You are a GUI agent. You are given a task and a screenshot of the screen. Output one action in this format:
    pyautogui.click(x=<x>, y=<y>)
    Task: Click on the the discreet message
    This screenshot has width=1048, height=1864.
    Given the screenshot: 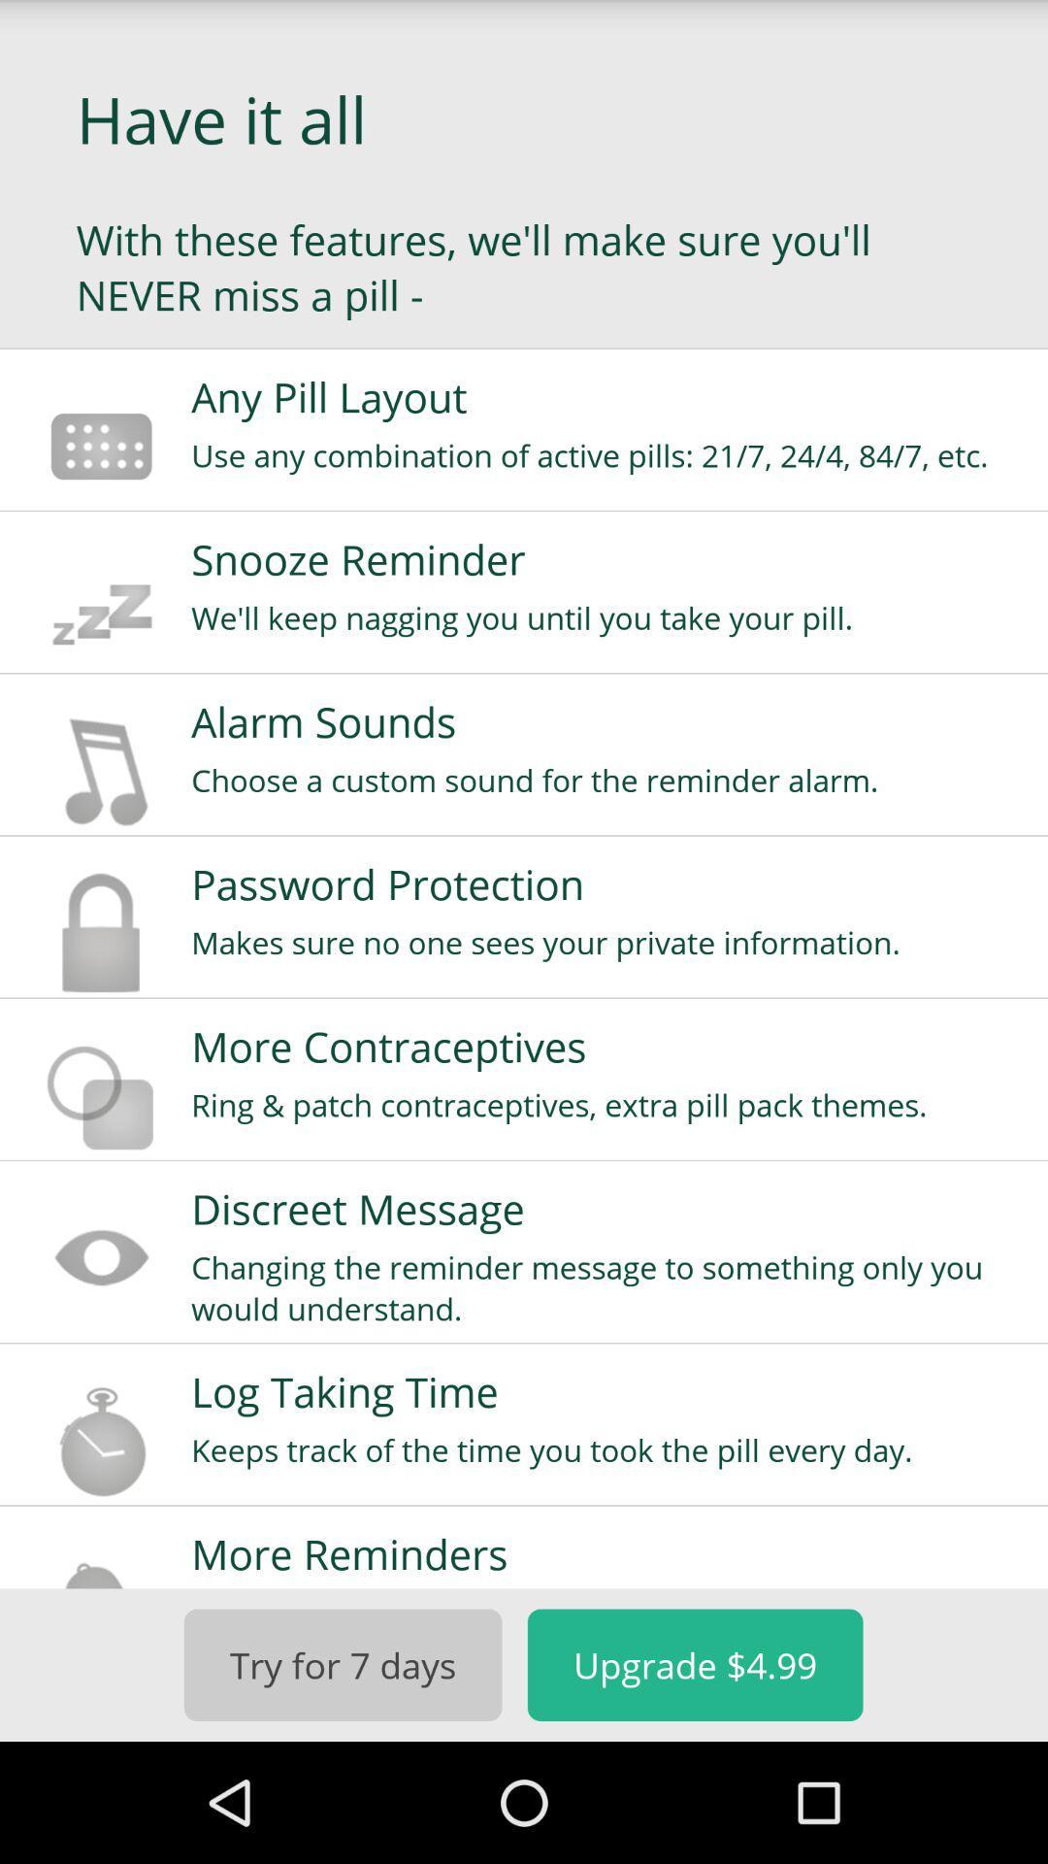 What is the action you would take?
    pyautogui.click(x=606, y=1208)
    